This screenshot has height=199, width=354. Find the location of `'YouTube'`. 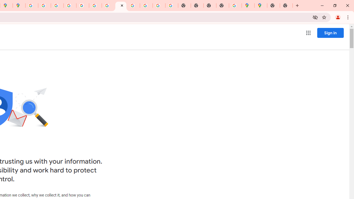

'YouTube' is located at coordinates (95, 6).